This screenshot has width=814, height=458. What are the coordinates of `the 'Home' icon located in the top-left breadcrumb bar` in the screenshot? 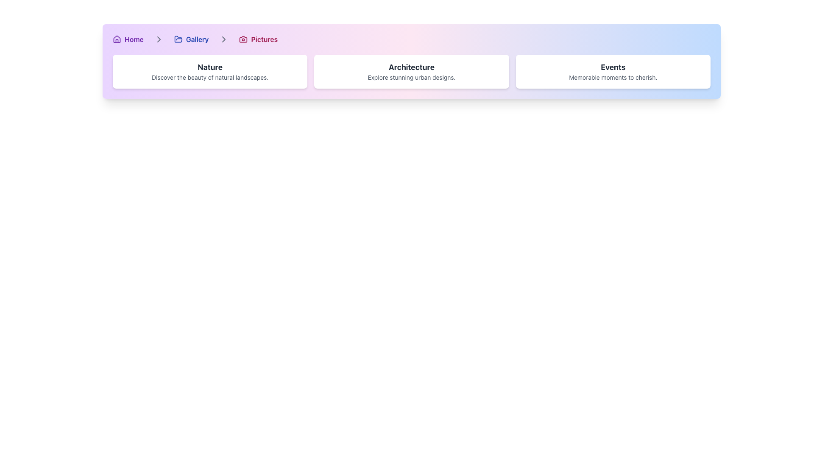 It's located at (116, 39).